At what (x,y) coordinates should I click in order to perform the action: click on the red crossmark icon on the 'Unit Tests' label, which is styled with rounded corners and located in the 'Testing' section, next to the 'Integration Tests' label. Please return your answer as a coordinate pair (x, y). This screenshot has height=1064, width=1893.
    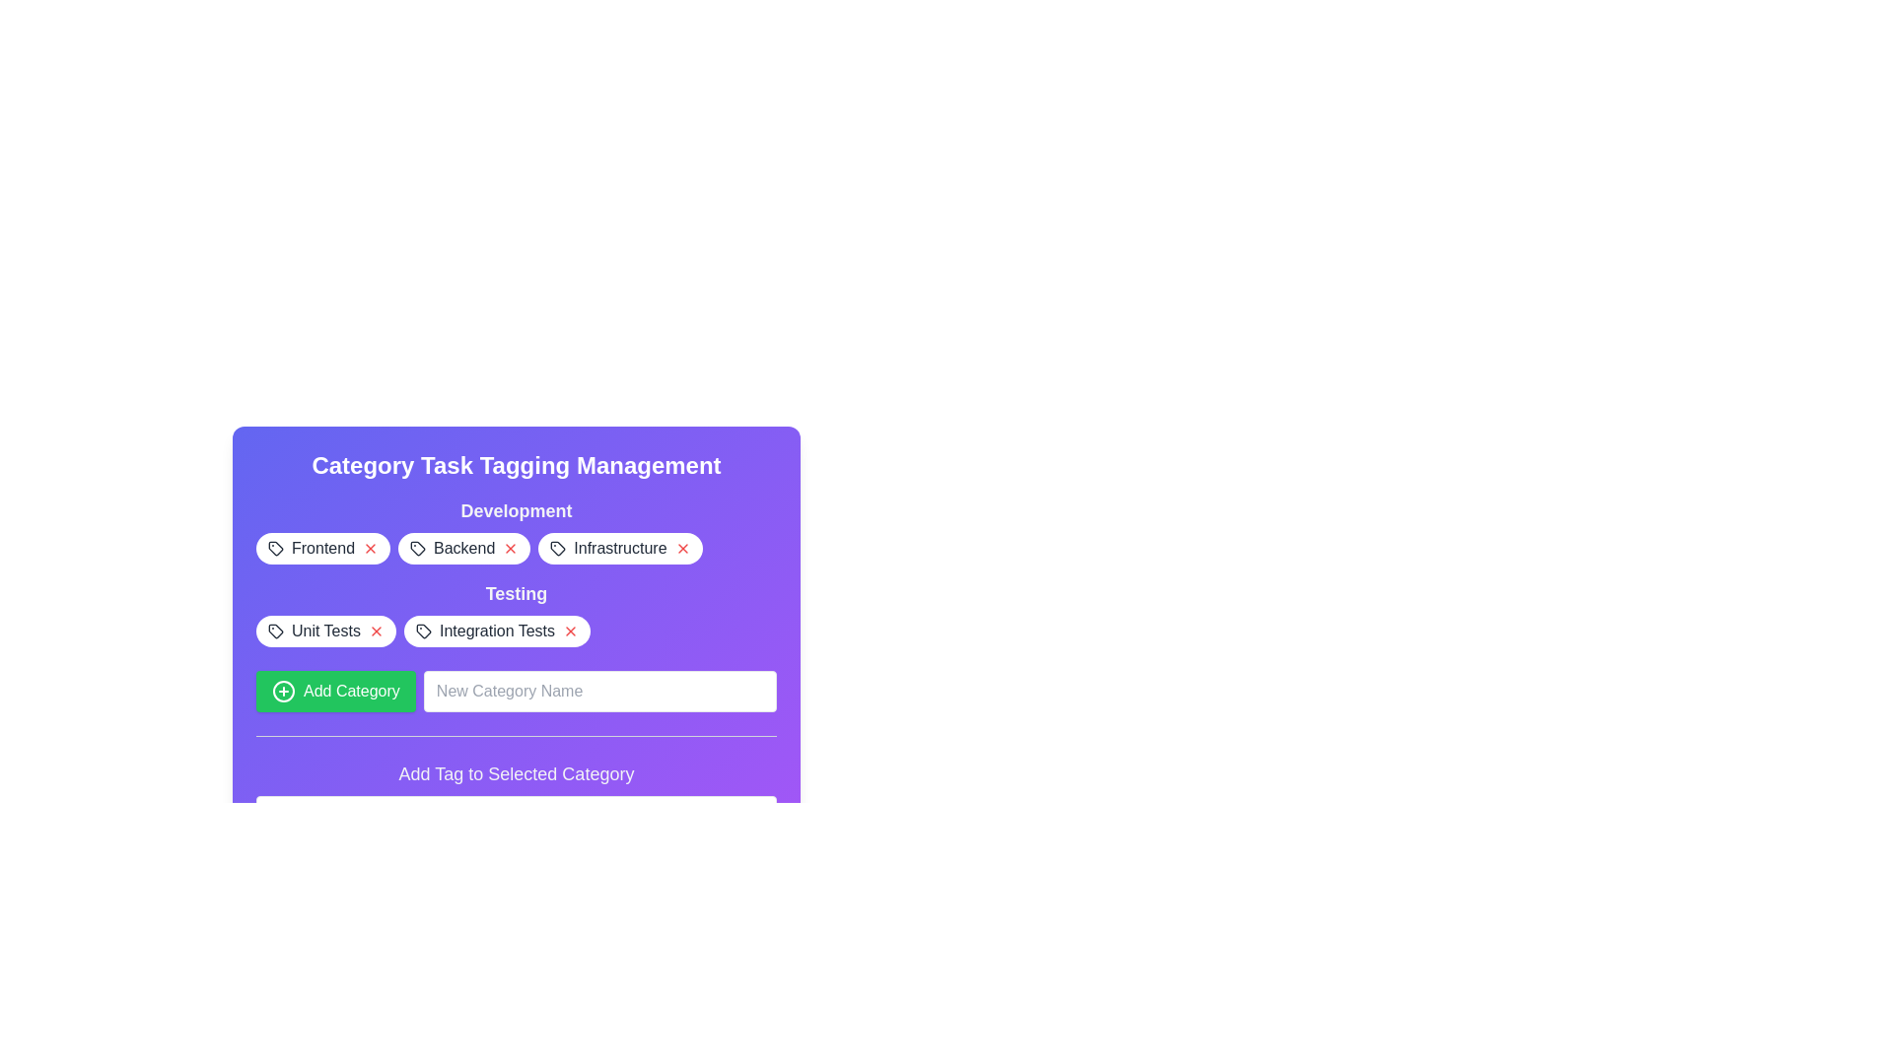
    Looking at the image, I should click on (326, 631).